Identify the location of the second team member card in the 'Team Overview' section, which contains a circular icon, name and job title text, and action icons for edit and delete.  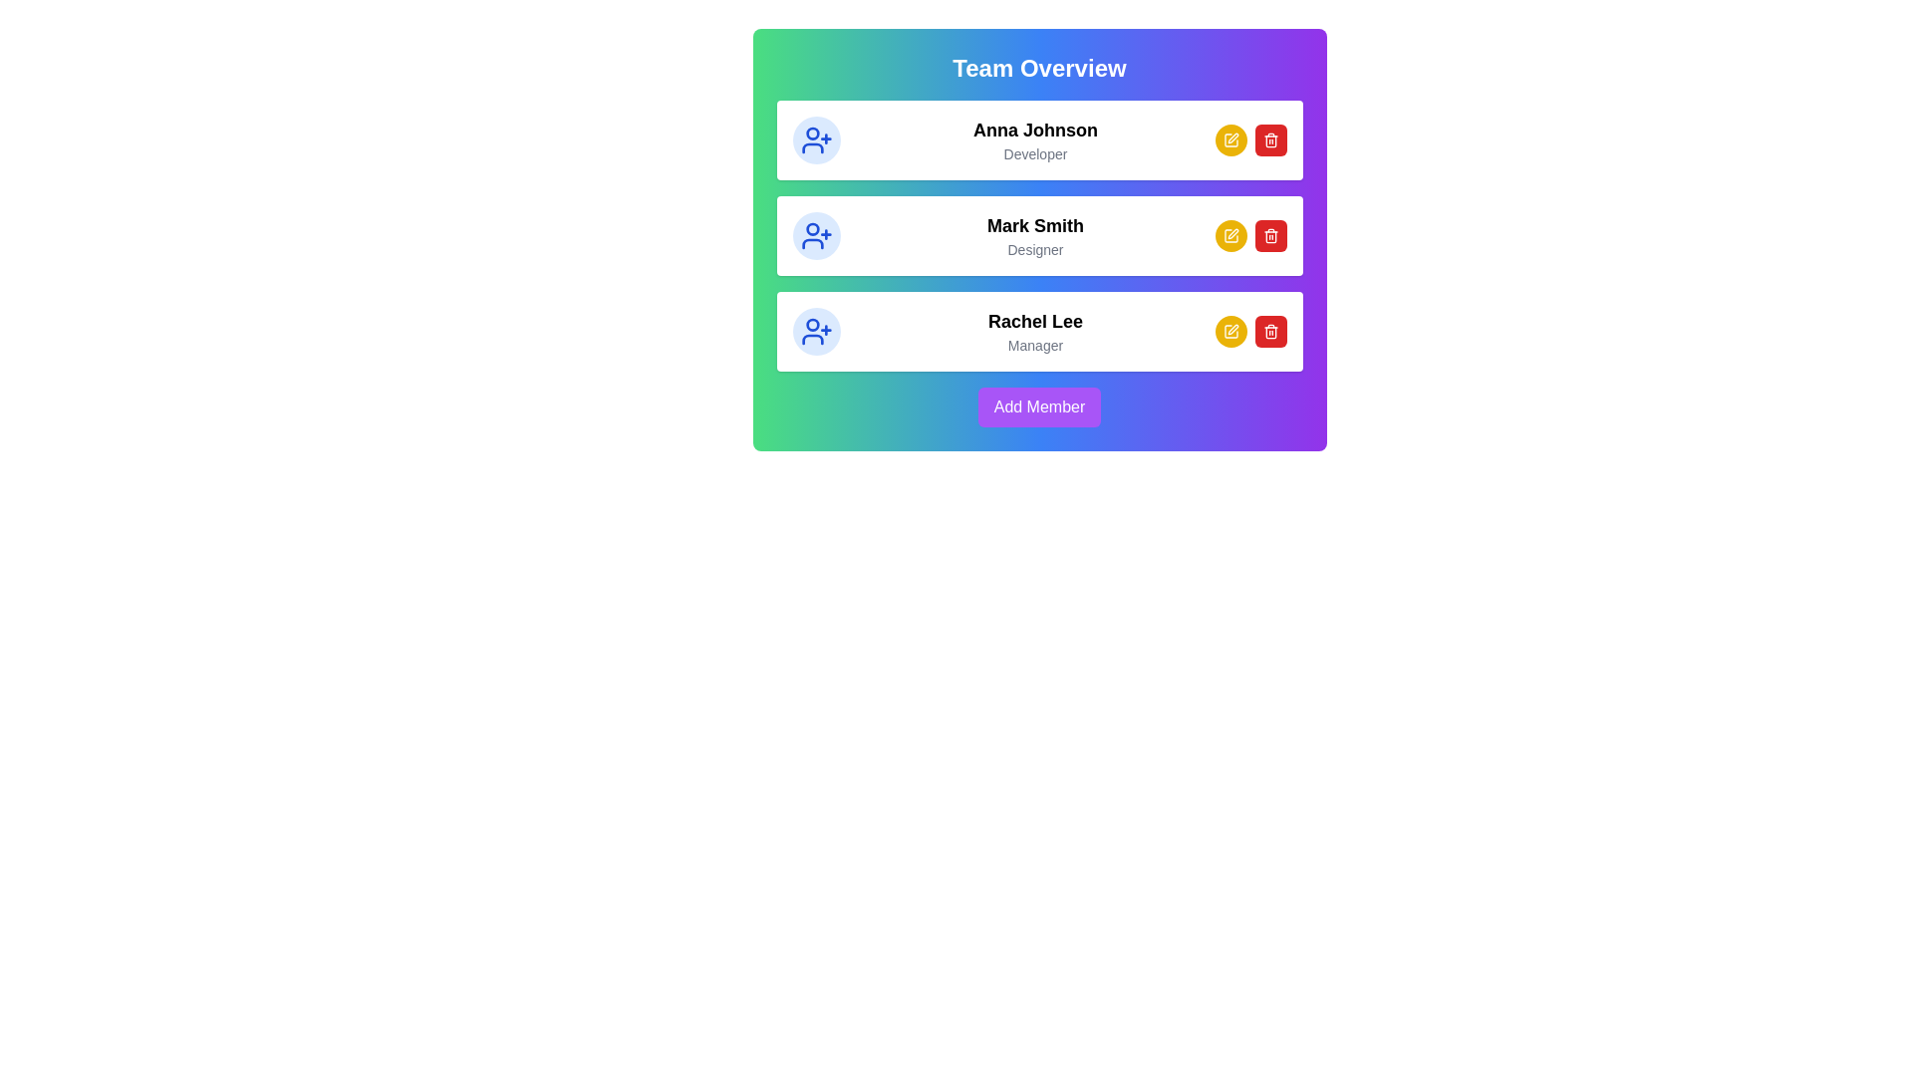
(1038, 234).